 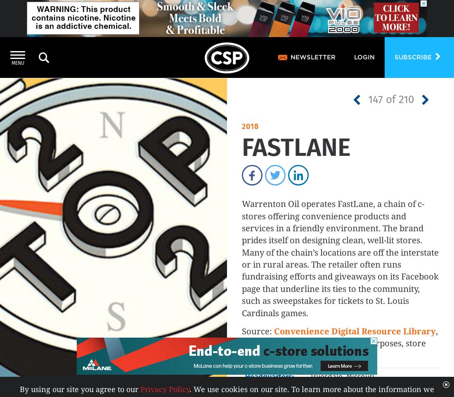 I want to click on '2018', so click(x=241, y=127).